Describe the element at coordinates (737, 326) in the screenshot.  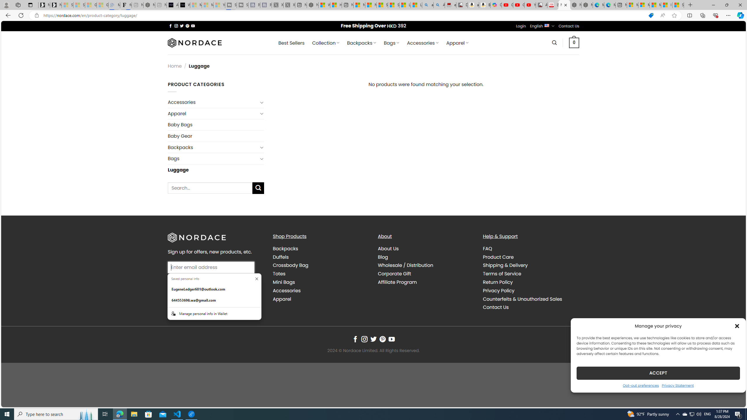
I see `'Class: cmplz-close'` at that location.